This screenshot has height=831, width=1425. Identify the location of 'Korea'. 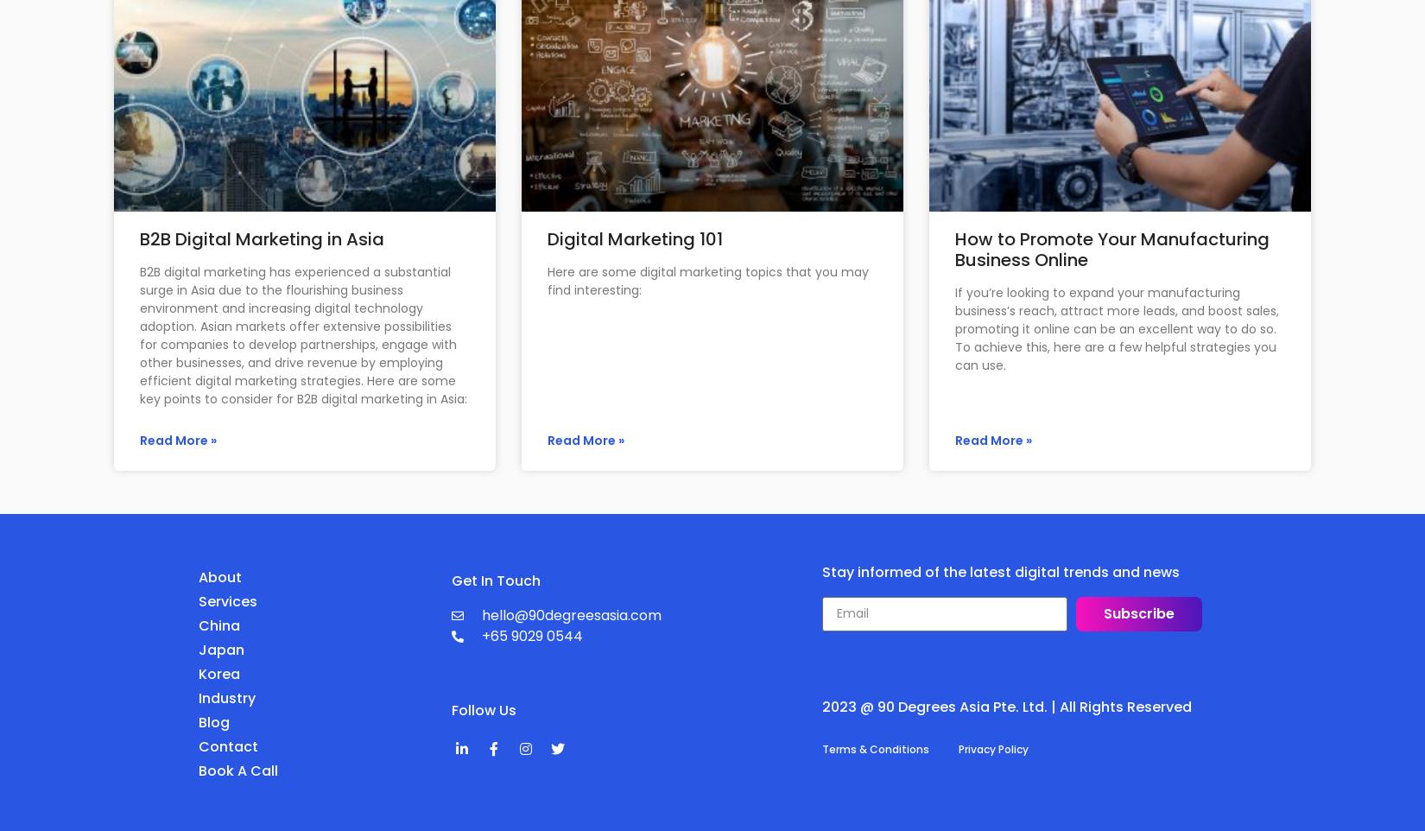
(199, 672).